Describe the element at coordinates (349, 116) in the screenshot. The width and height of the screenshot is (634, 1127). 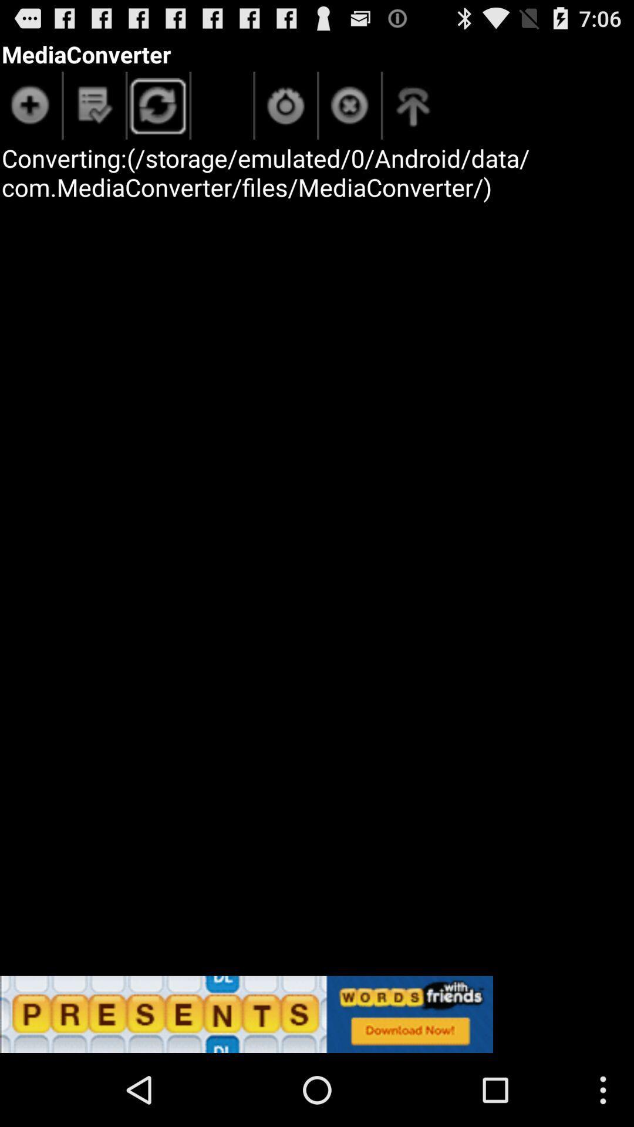
I see `the close icon` at that location.